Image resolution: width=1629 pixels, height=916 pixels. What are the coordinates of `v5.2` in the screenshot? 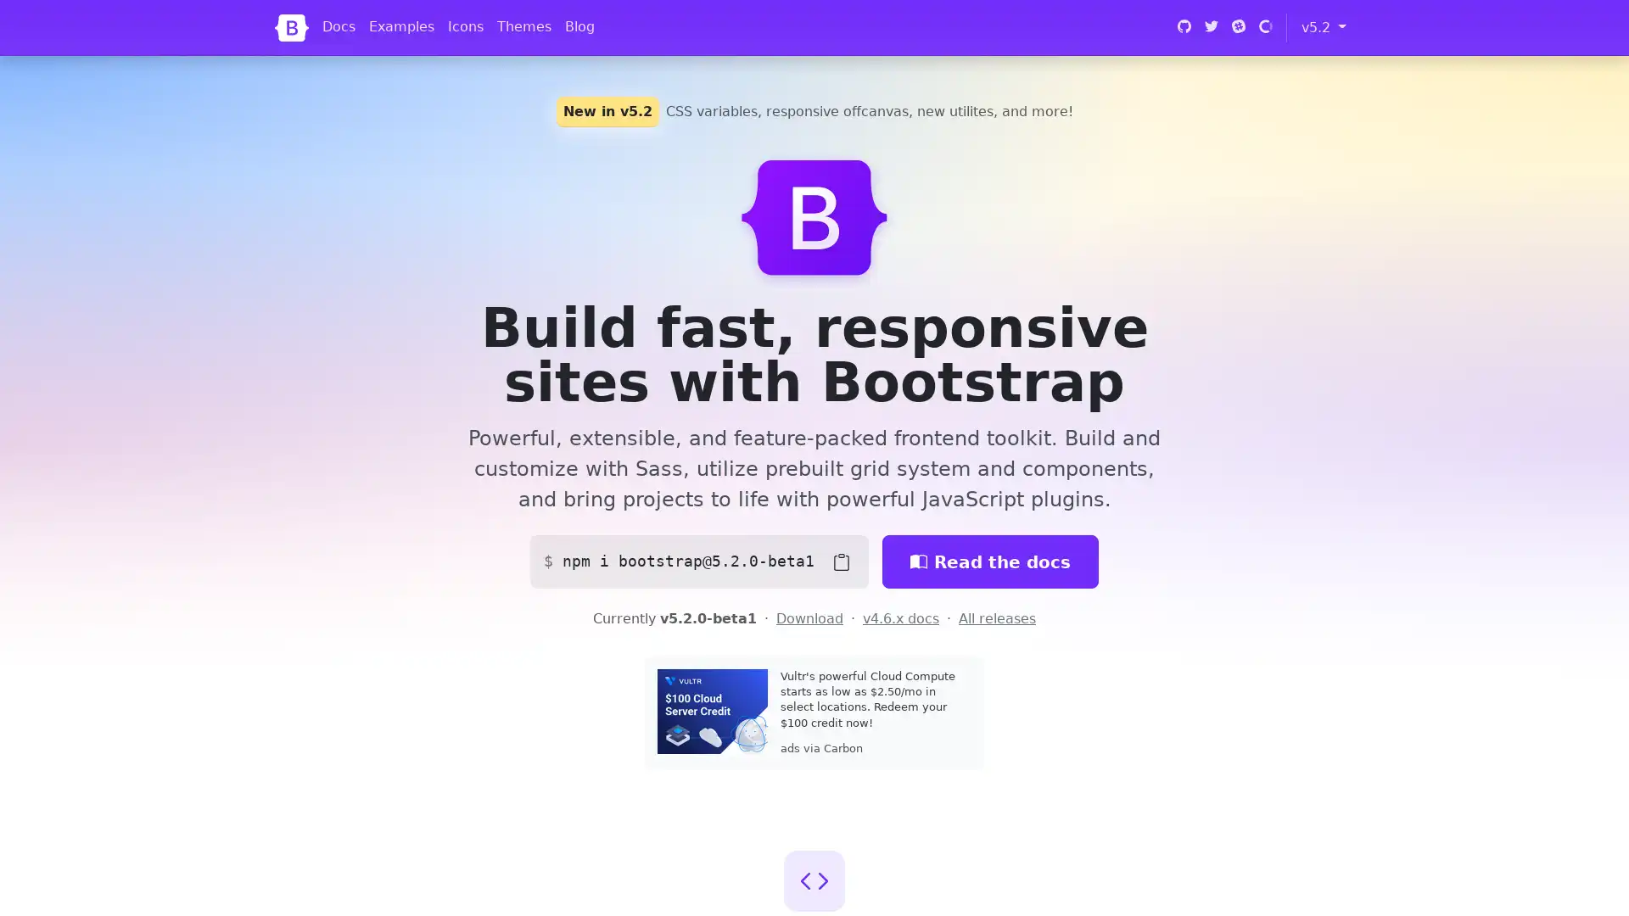 It's located at (1323, 28).